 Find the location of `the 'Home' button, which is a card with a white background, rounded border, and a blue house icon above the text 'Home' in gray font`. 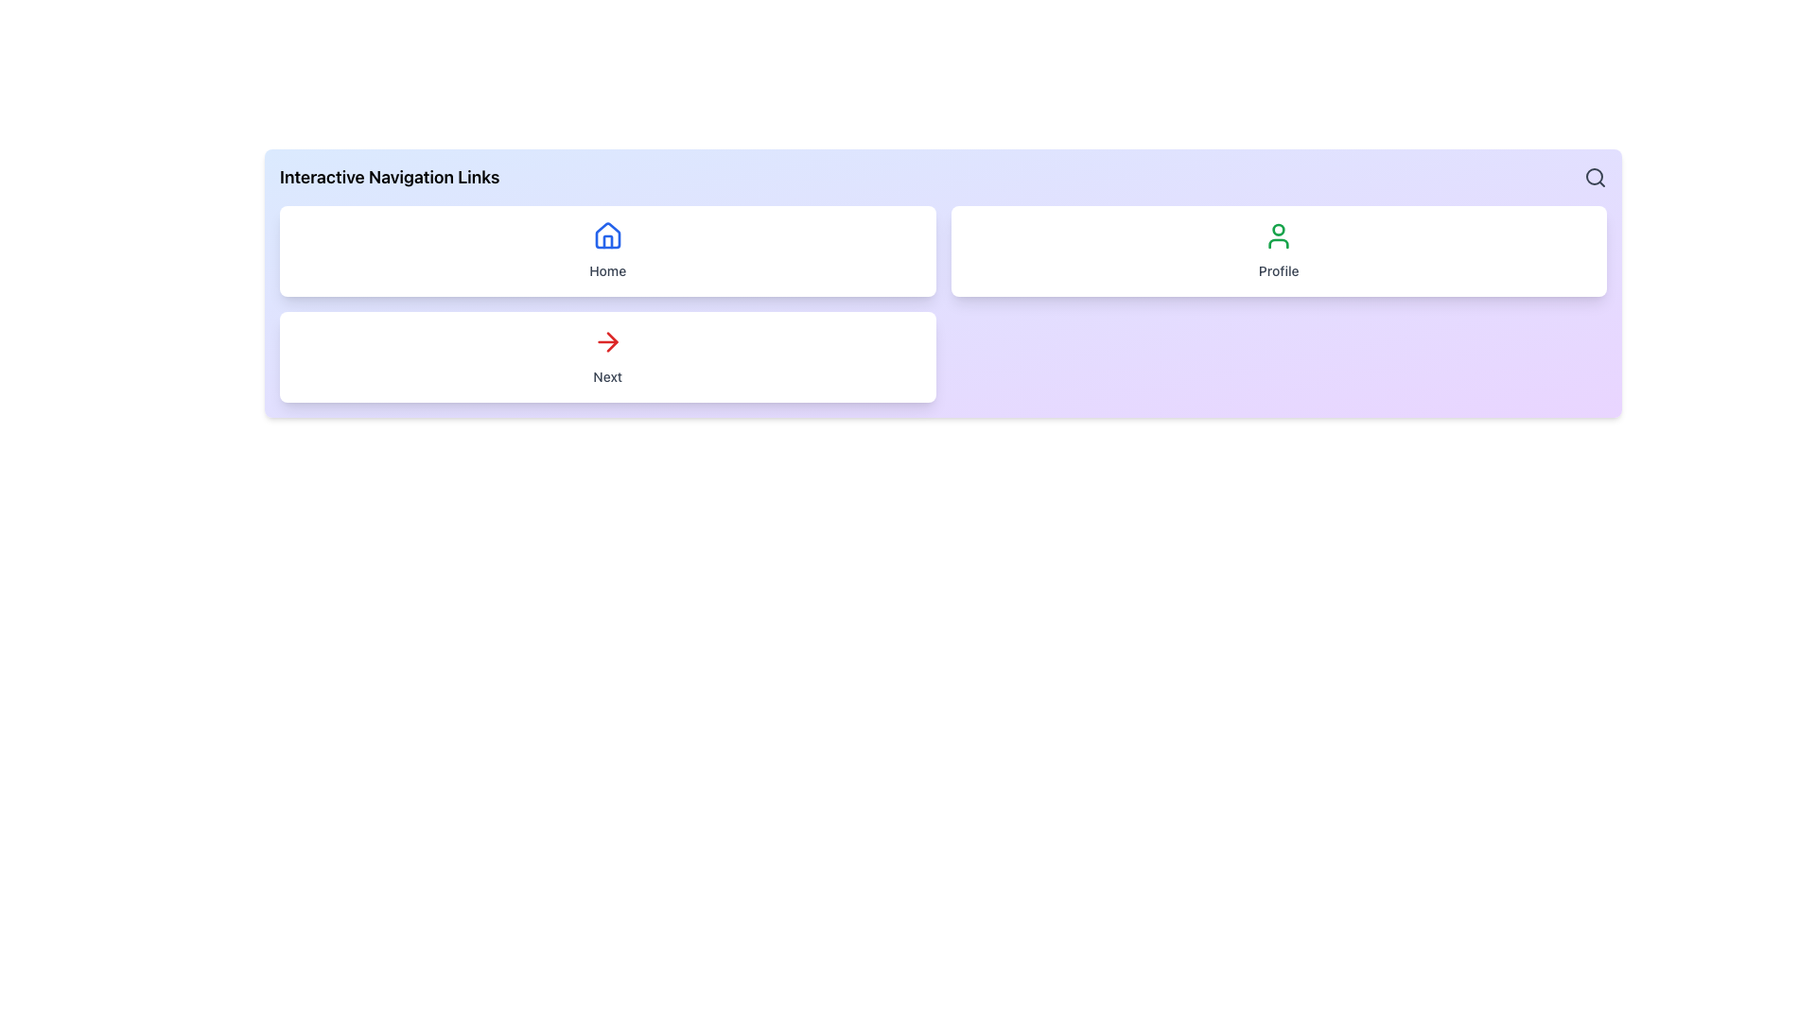

the 'Home' button, which is a card with a white background, rounded border, and a blue house icon above the text 'Home' in gray font is located at coordinates (607, 251).